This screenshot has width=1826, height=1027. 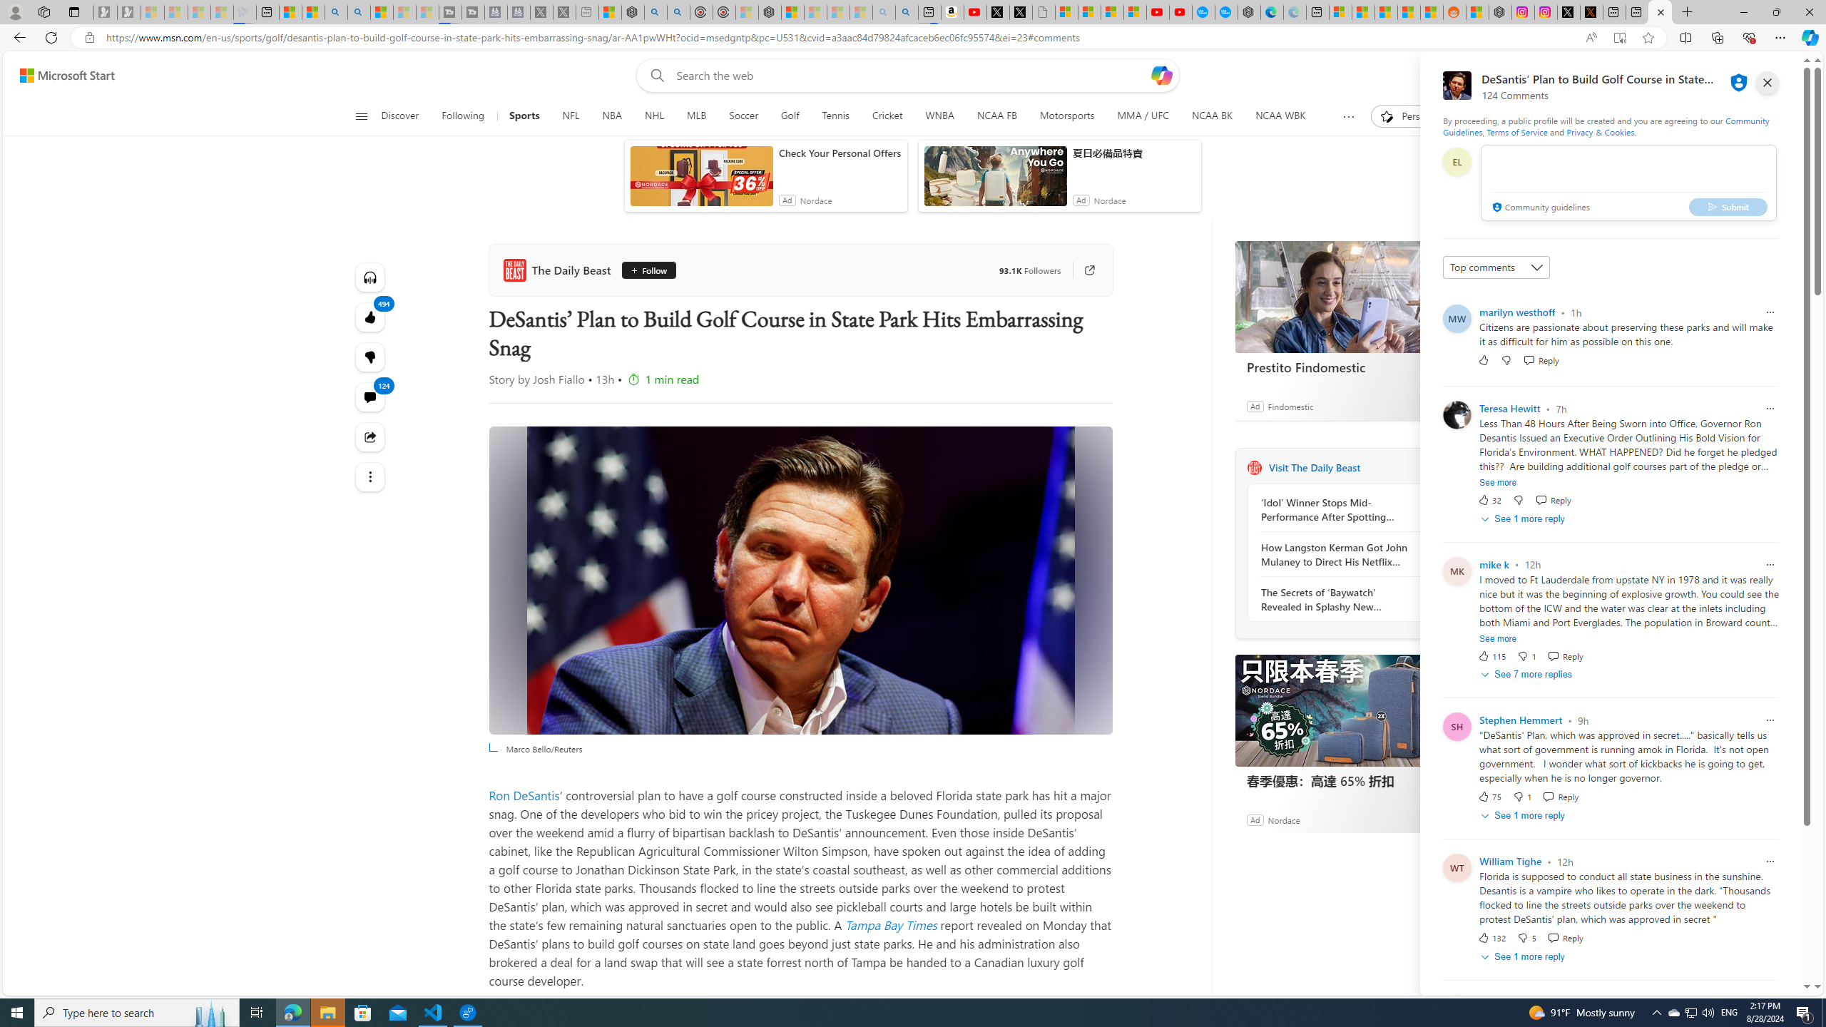 I want to click on 'Following', so click(x=462, y=116).